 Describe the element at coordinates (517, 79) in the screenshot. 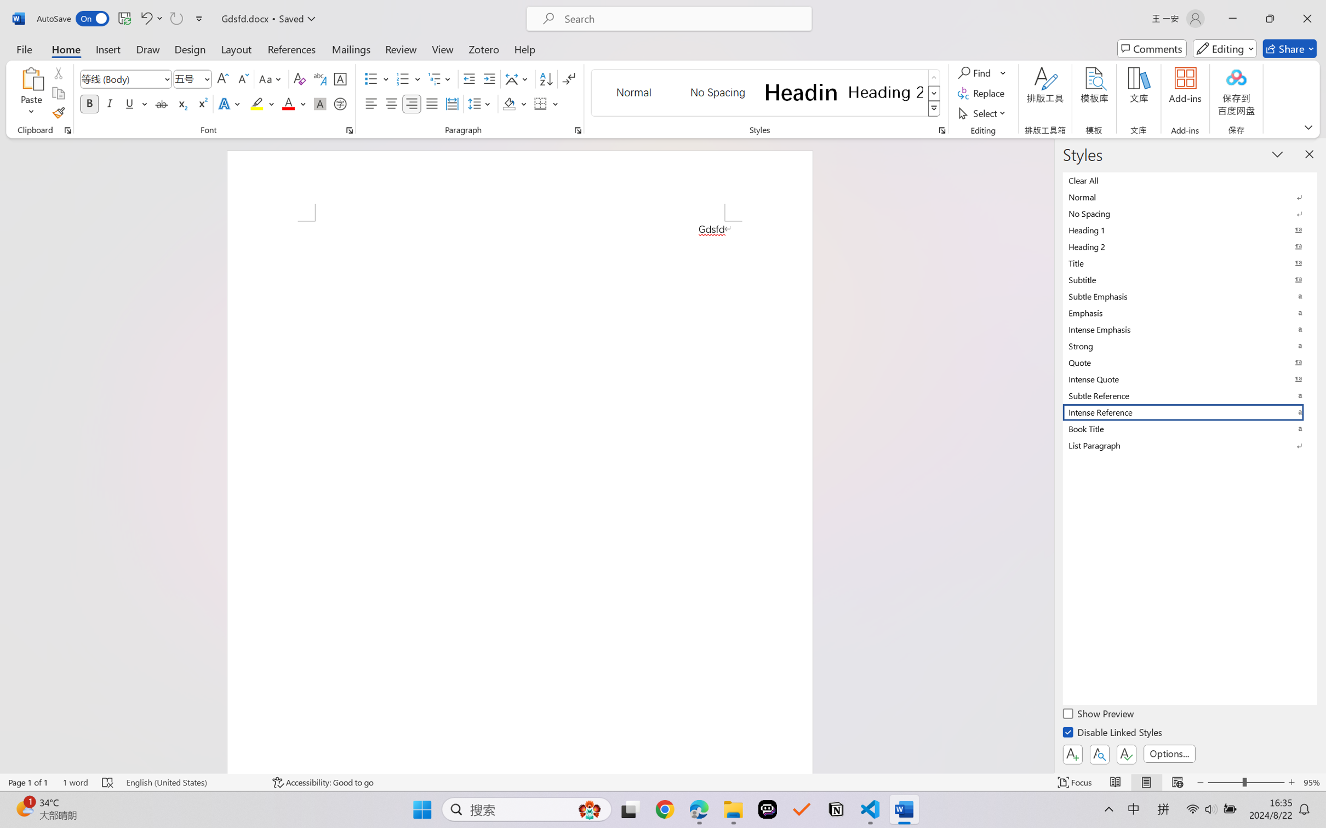

I see `'Asian Layout'` at that location.